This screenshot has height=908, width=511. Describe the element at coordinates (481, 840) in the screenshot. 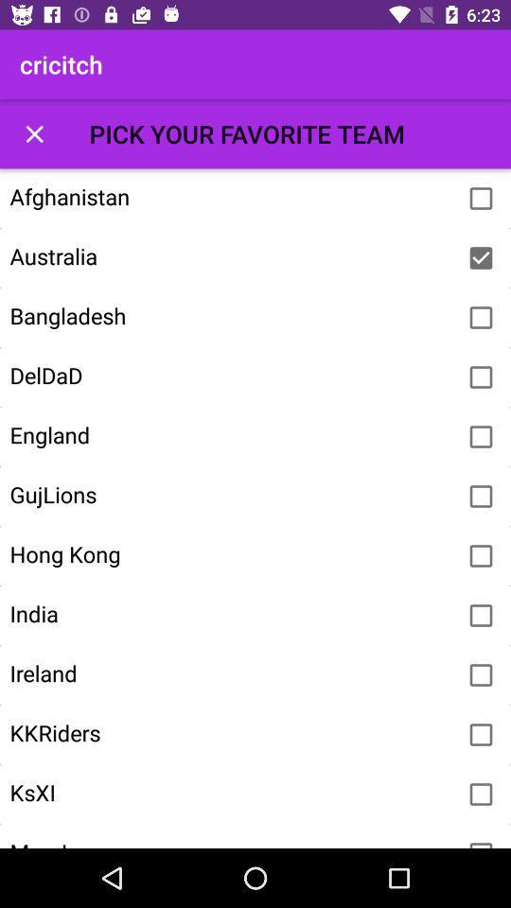

I see `checkbox for favorite team` at that location.